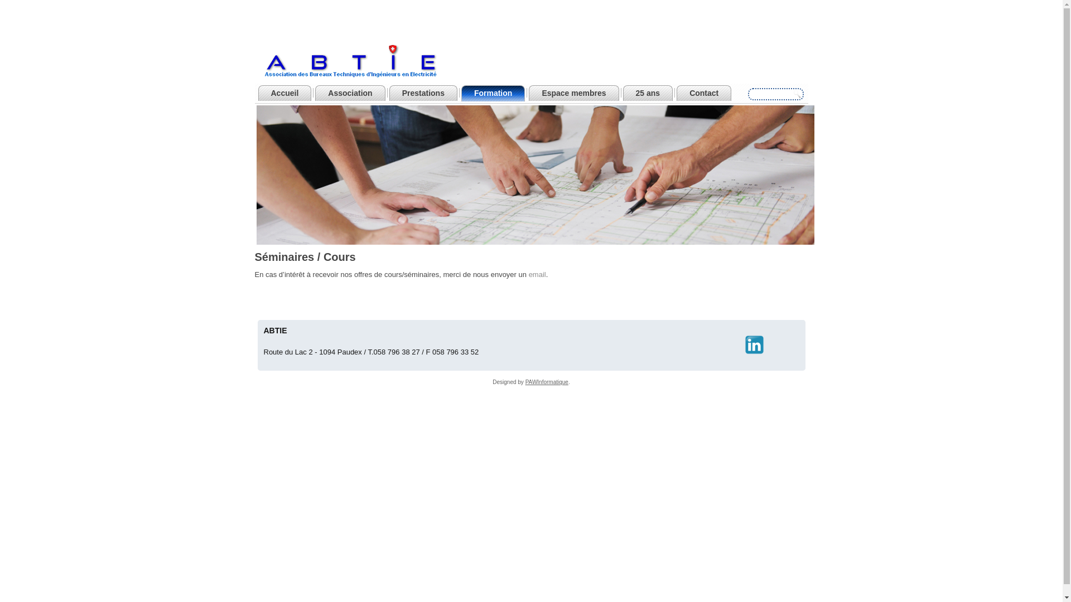 This screenshot has width=1071, height=602. Describe the element at coordinates (422, 92) in the screenshot. I see `'Prestations'` at that location.